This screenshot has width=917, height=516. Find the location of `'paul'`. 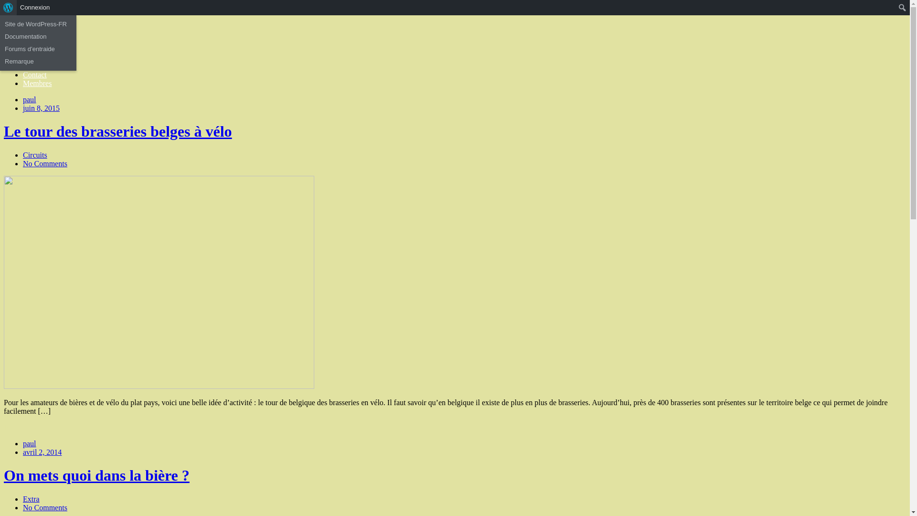

'paul' is located at coordinates (23, 99).